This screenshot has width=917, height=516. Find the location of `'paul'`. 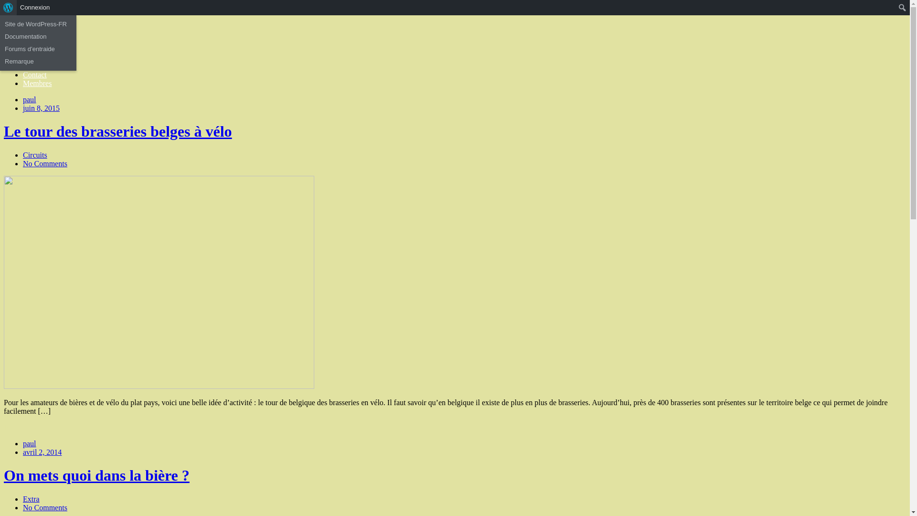

'paul' is located at coordinates (23, 99).